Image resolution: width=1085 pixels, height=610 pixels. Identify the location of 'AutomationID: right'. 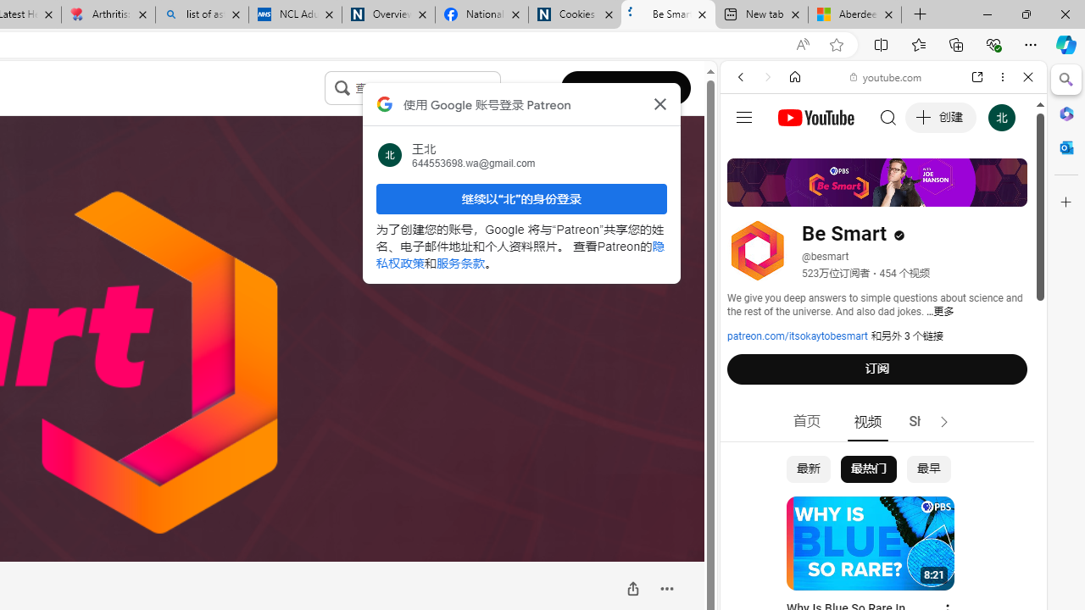
(943, 421).